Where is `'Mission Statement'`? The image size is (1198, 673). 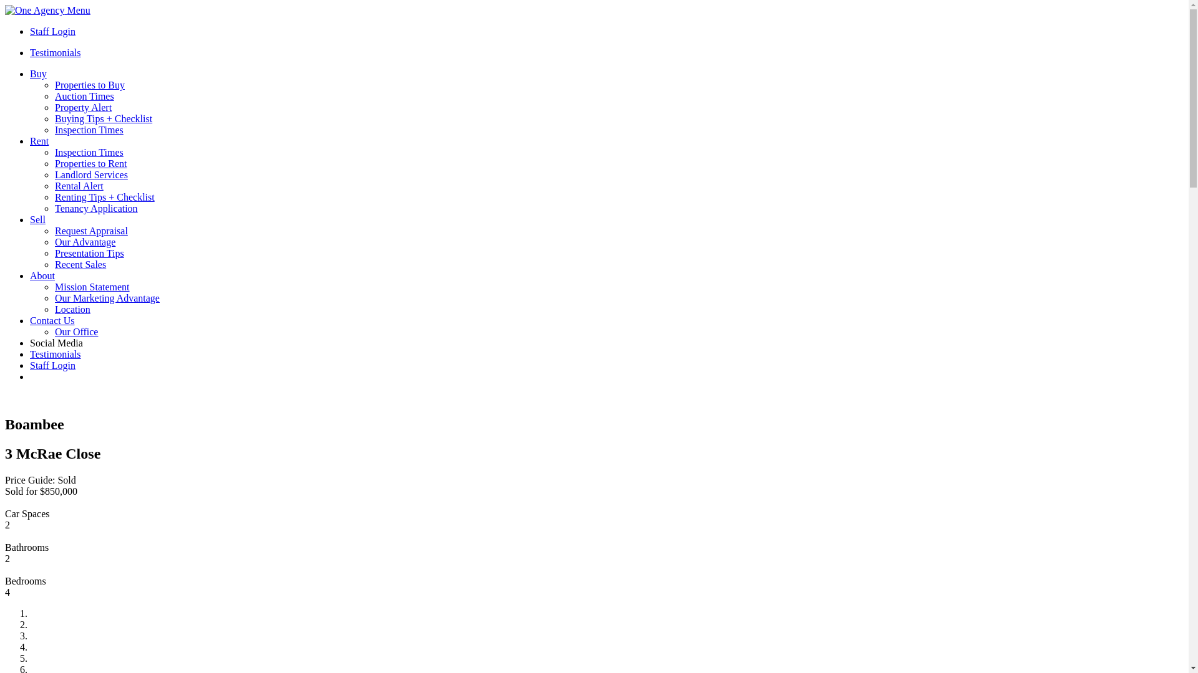
'Mission Statement' is located at coordinates (92, 287).